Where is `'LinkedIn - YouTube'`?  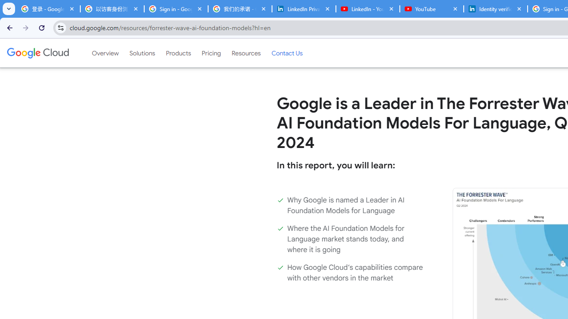 'LinkedIn - YouTube' is located at coordinates (367, 9).